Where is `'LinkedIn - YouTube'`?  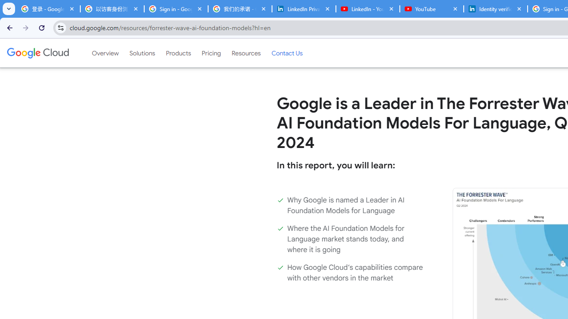 'LinkedIn - YouTube' is located at coordinates (367, 9).